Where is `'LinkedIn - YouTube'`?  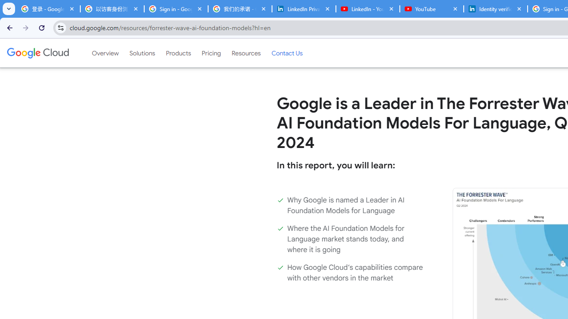 'LinkedIn - YouTube' is located at coordinates (367, 9).